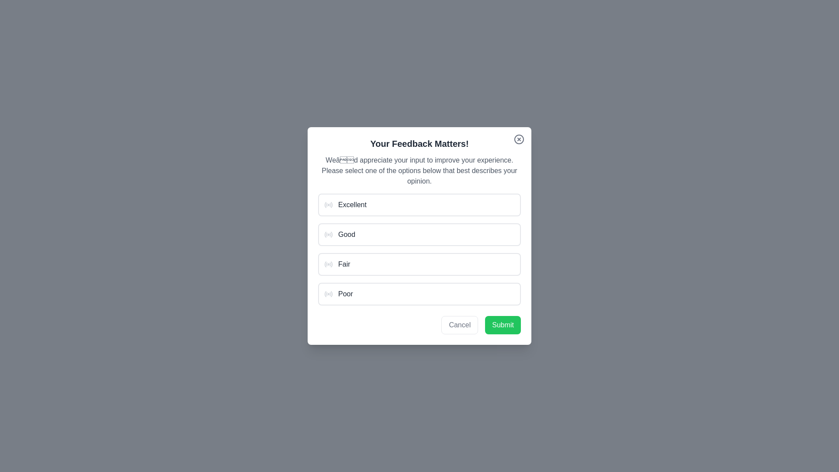 The height and width of the screenshot is (472, 839). What do you see at coordinates (459, 325) in the screenshot?
I see `'Cancel' button to dismiss the dialog` at bounding box center [459, 325].